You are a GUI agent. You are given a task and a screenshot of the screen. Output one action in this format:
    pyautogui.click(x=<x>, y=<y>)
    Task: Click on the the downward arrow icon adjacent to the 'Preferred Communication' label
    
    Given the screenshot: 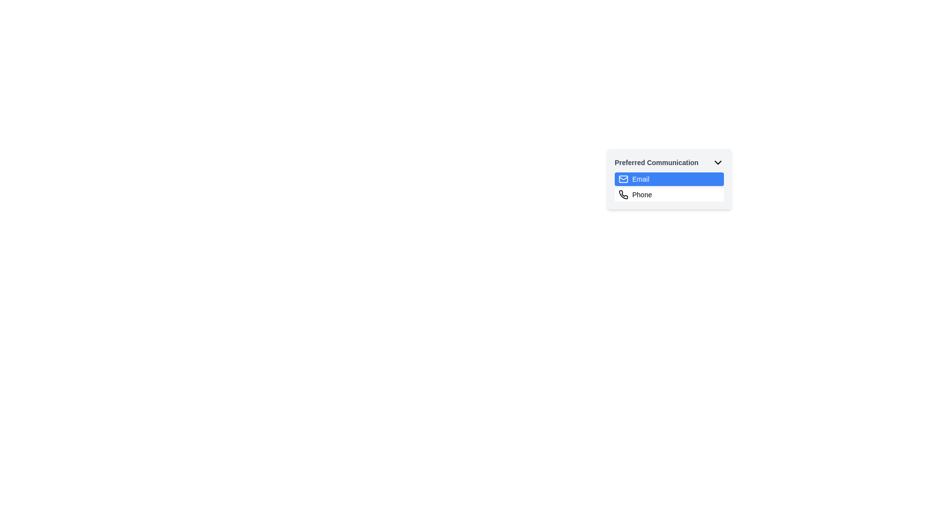 What is the action you would take?
    pyautogui.click(x=718, y=162)
    